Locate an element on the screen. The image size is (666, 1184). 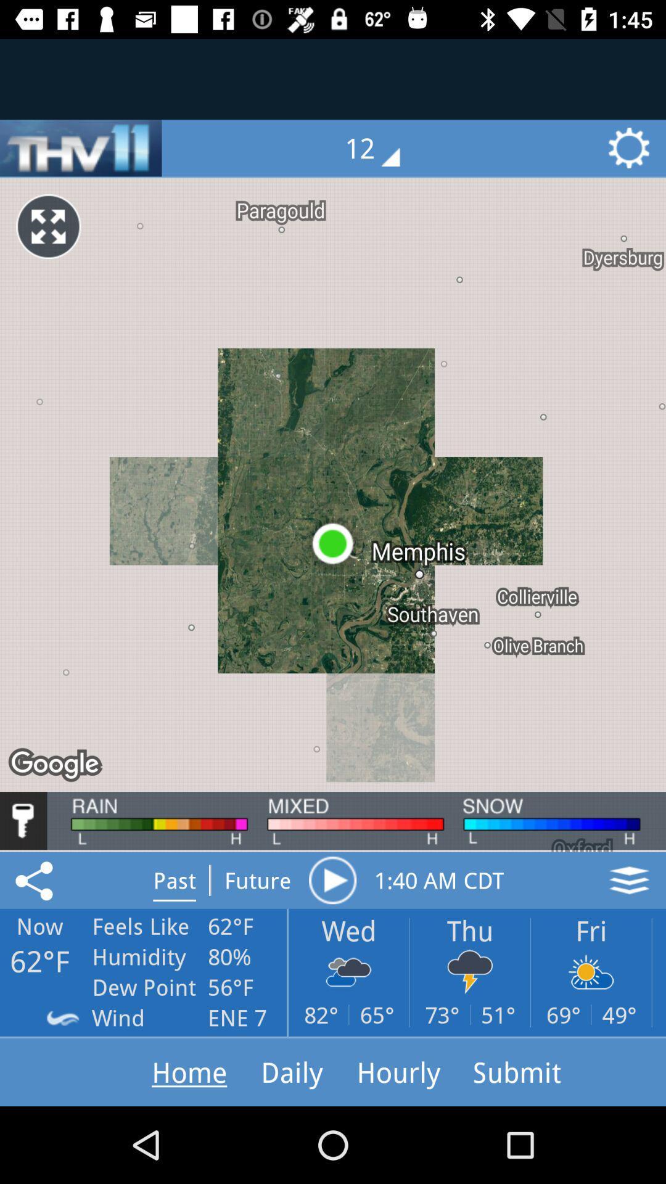
the share icon is located at coordinates (36, 879).